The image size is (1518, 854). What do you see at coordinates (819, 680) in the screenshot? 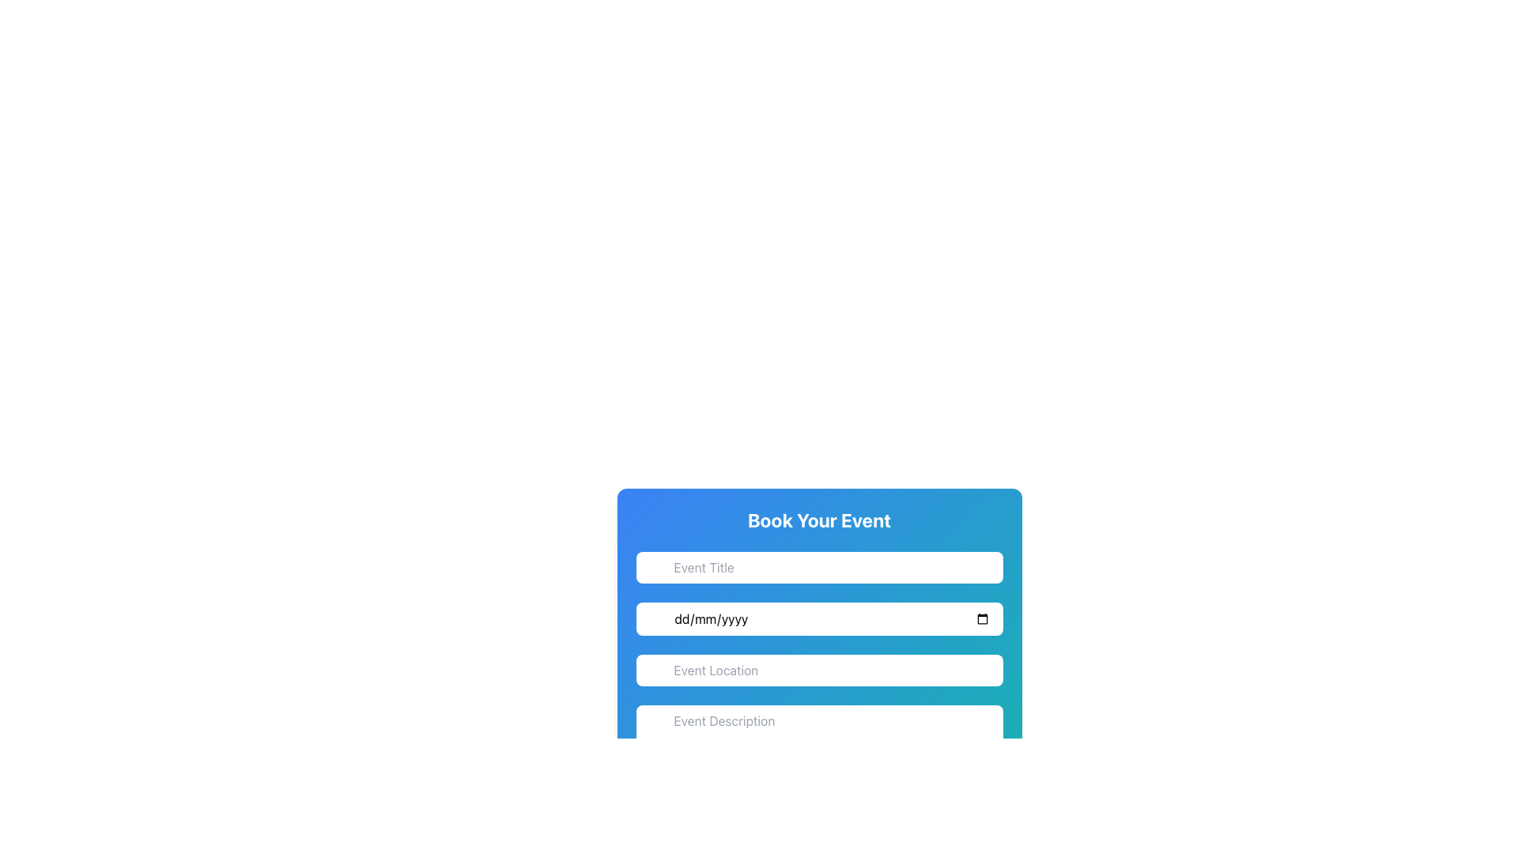
I see `the text input field for event location, positioned third in the vertical stack` at bounding box center [819, 680].